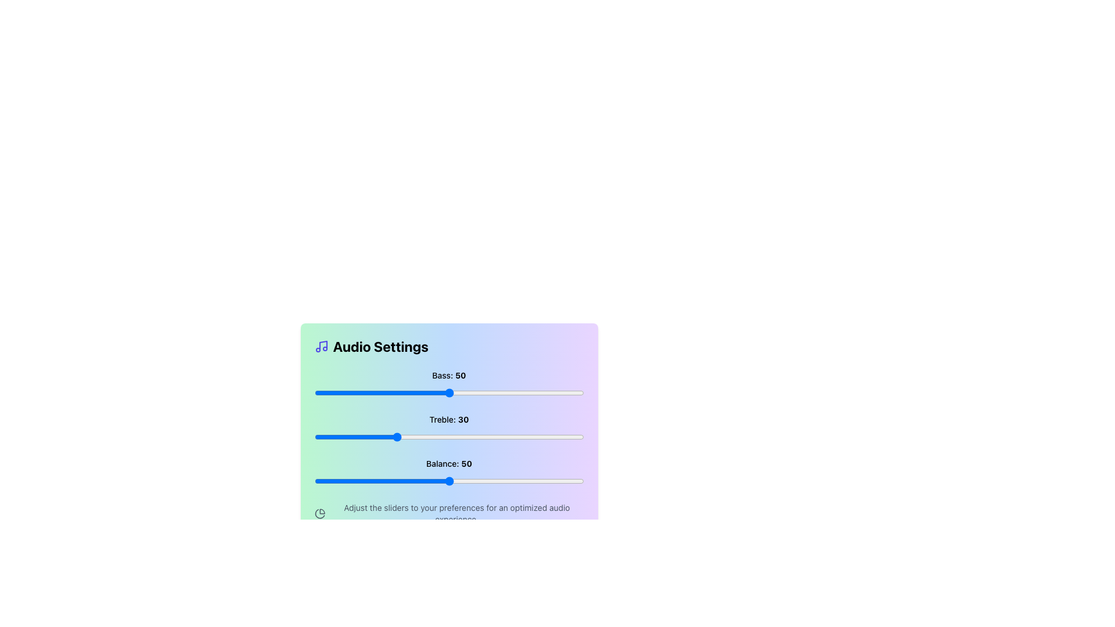 The image size is (1115, 627). Describe the element at coordinates (432, 437) in the screenshot. I see `the treble level` at that location.